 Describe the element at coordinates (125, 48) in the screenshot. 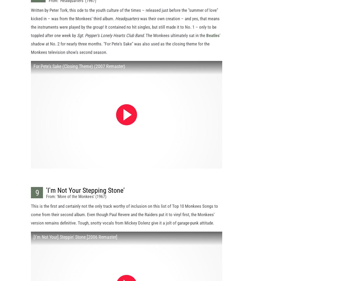

I see `'' shadow at No. 2 for nearly three months. "For Pete's Sake" was also used as the closing theme for the Monkees television show's second season.'` at that location.